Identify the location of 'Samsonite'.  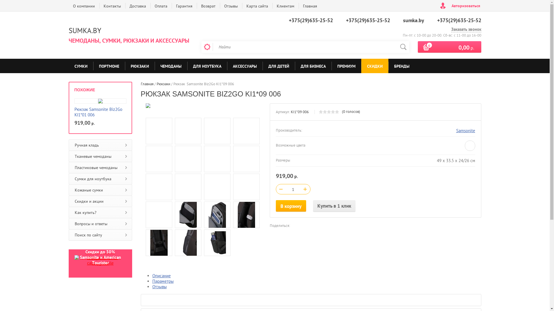
(465, 130).